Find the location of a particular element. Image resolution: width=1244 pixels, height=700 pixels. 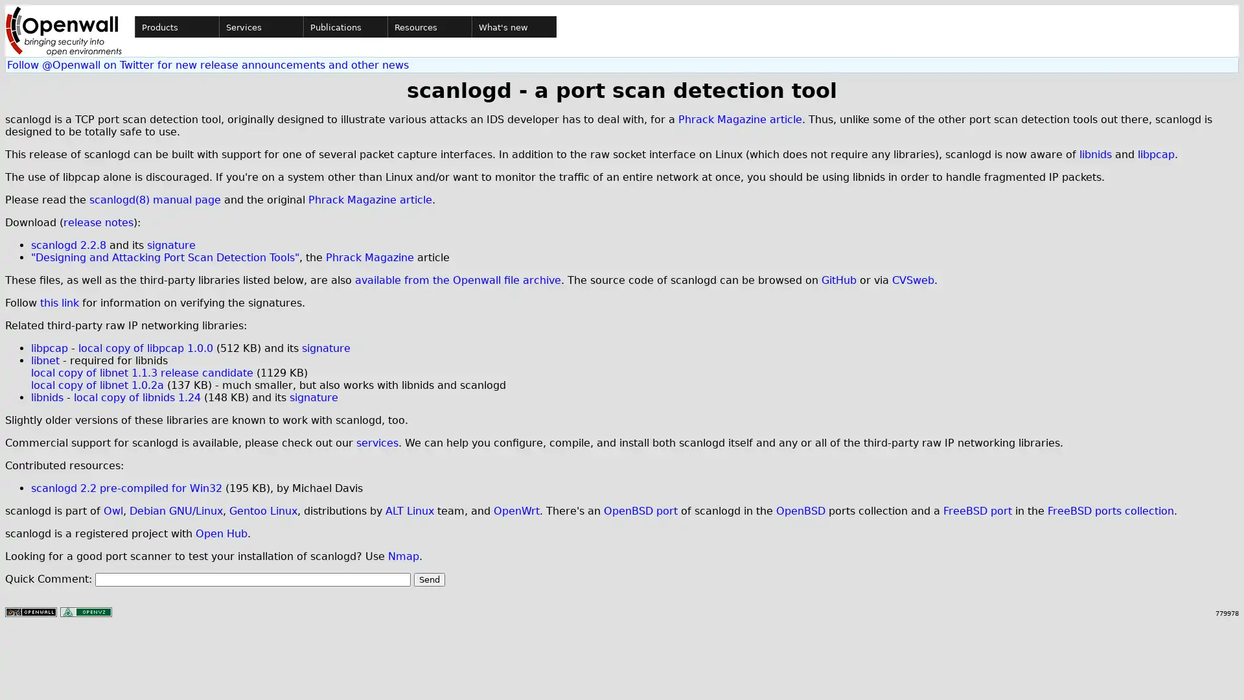

Send is located at coordinates (429, 579).